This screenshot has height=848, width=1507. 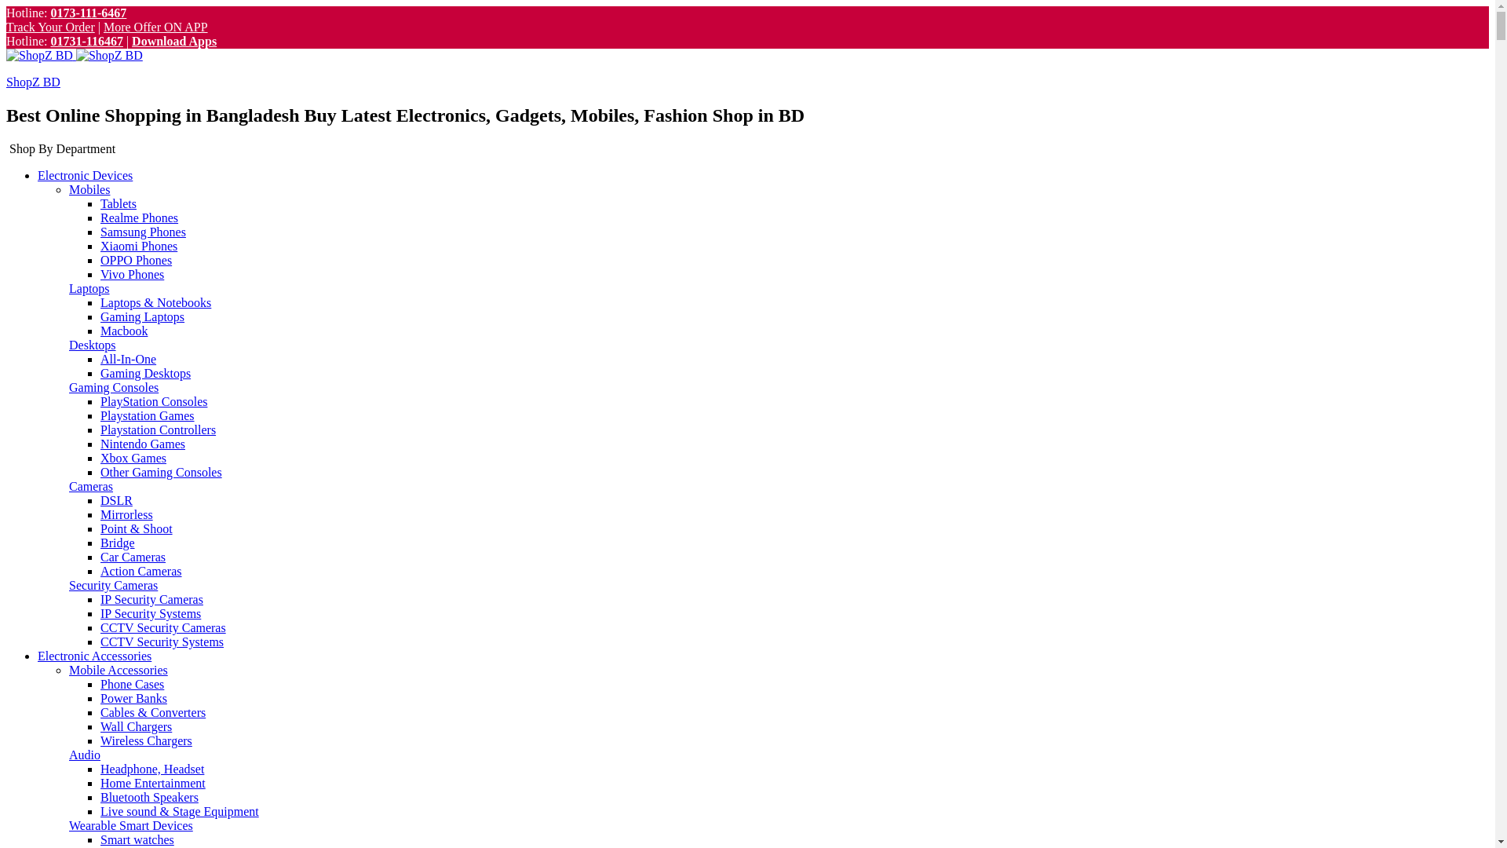 What do you see at coordinates (112, 585) in the screenshot?
I see `'Security Cameras'` at bounding box center [112, 585].